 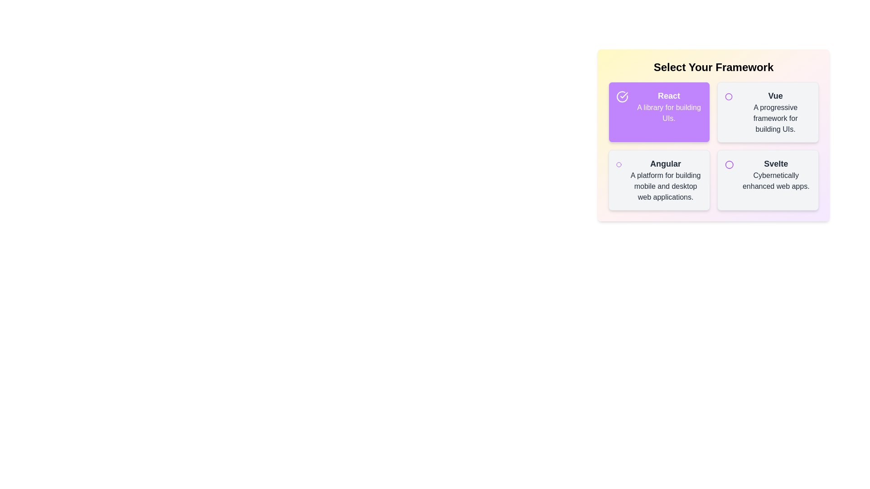 What do you see at coordinates (659, 180) in the screenshot?
I see `the item labeled Angular to toggle its selection state` at bounding box center [659, 180].